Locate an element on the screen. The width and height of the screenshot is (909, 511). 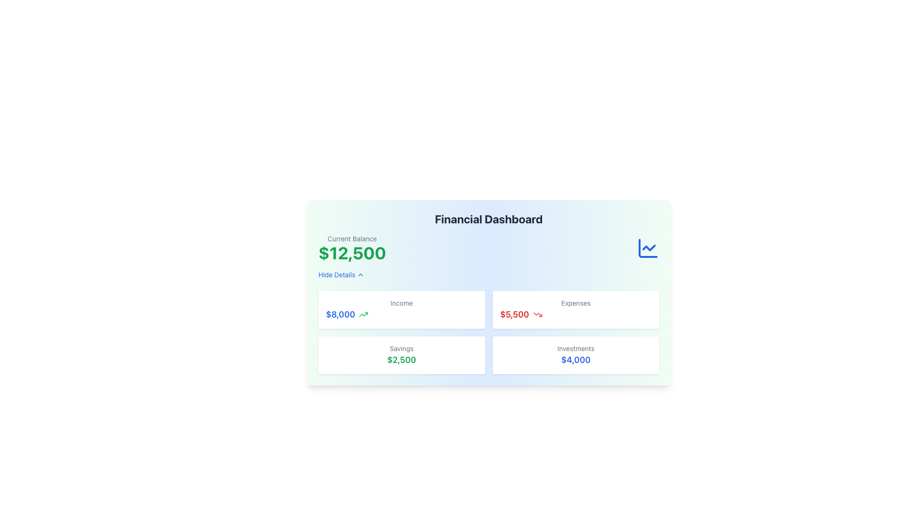
the triangular downward trend icon, which is positioned to the left of the 'Expenses' label in the financial summary section is located at coordinates (537, 314).